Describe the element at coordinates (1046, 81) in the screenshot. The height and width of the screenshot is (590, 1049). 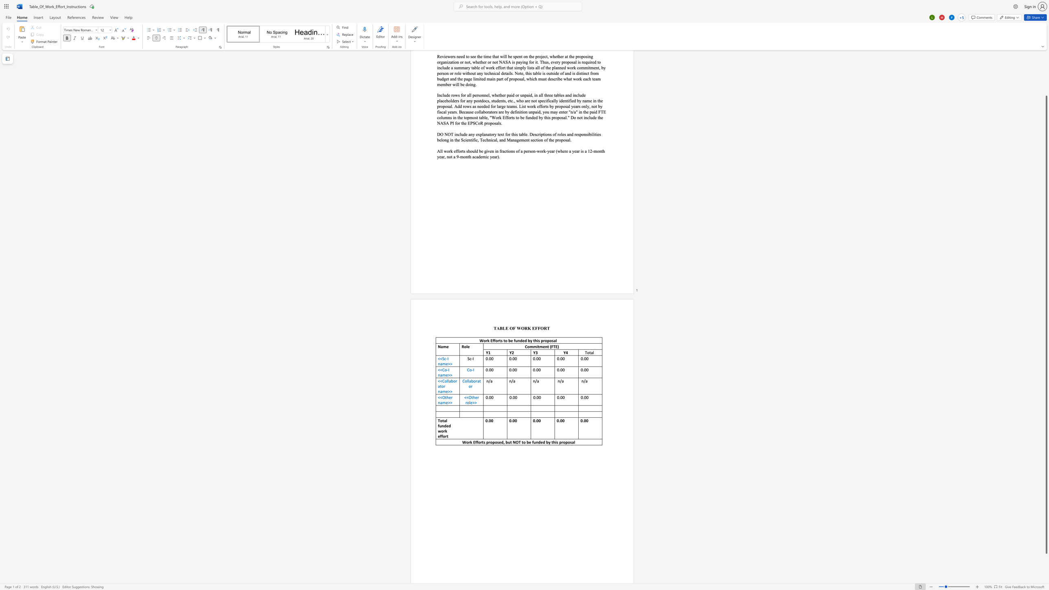
I see `the right-hand scrollbar to ascend the page` at that location.